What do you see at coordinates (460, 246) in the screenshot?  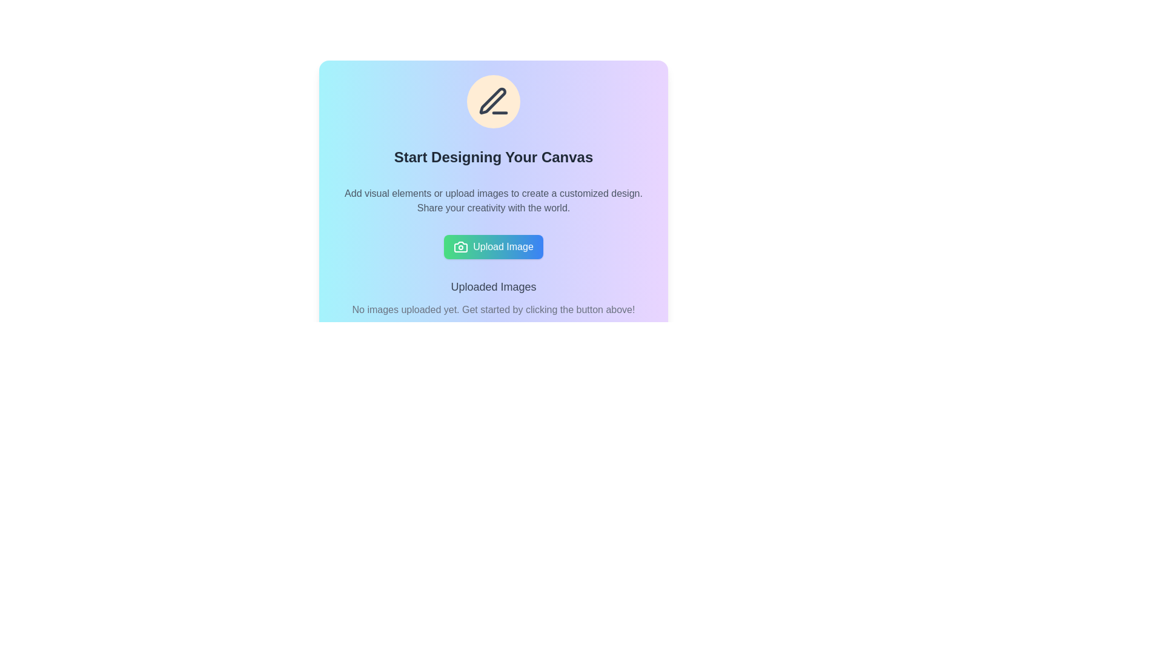 I see `the 'Upload Image' button which features a decorative camera icon on the left side of the text` at bounding box center [460, 246].